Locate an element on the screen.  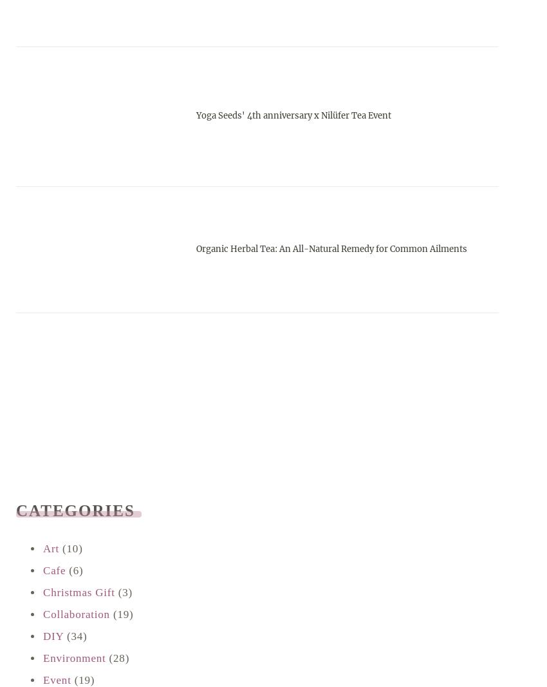
'(34)' is located at coordinates (74, 636).